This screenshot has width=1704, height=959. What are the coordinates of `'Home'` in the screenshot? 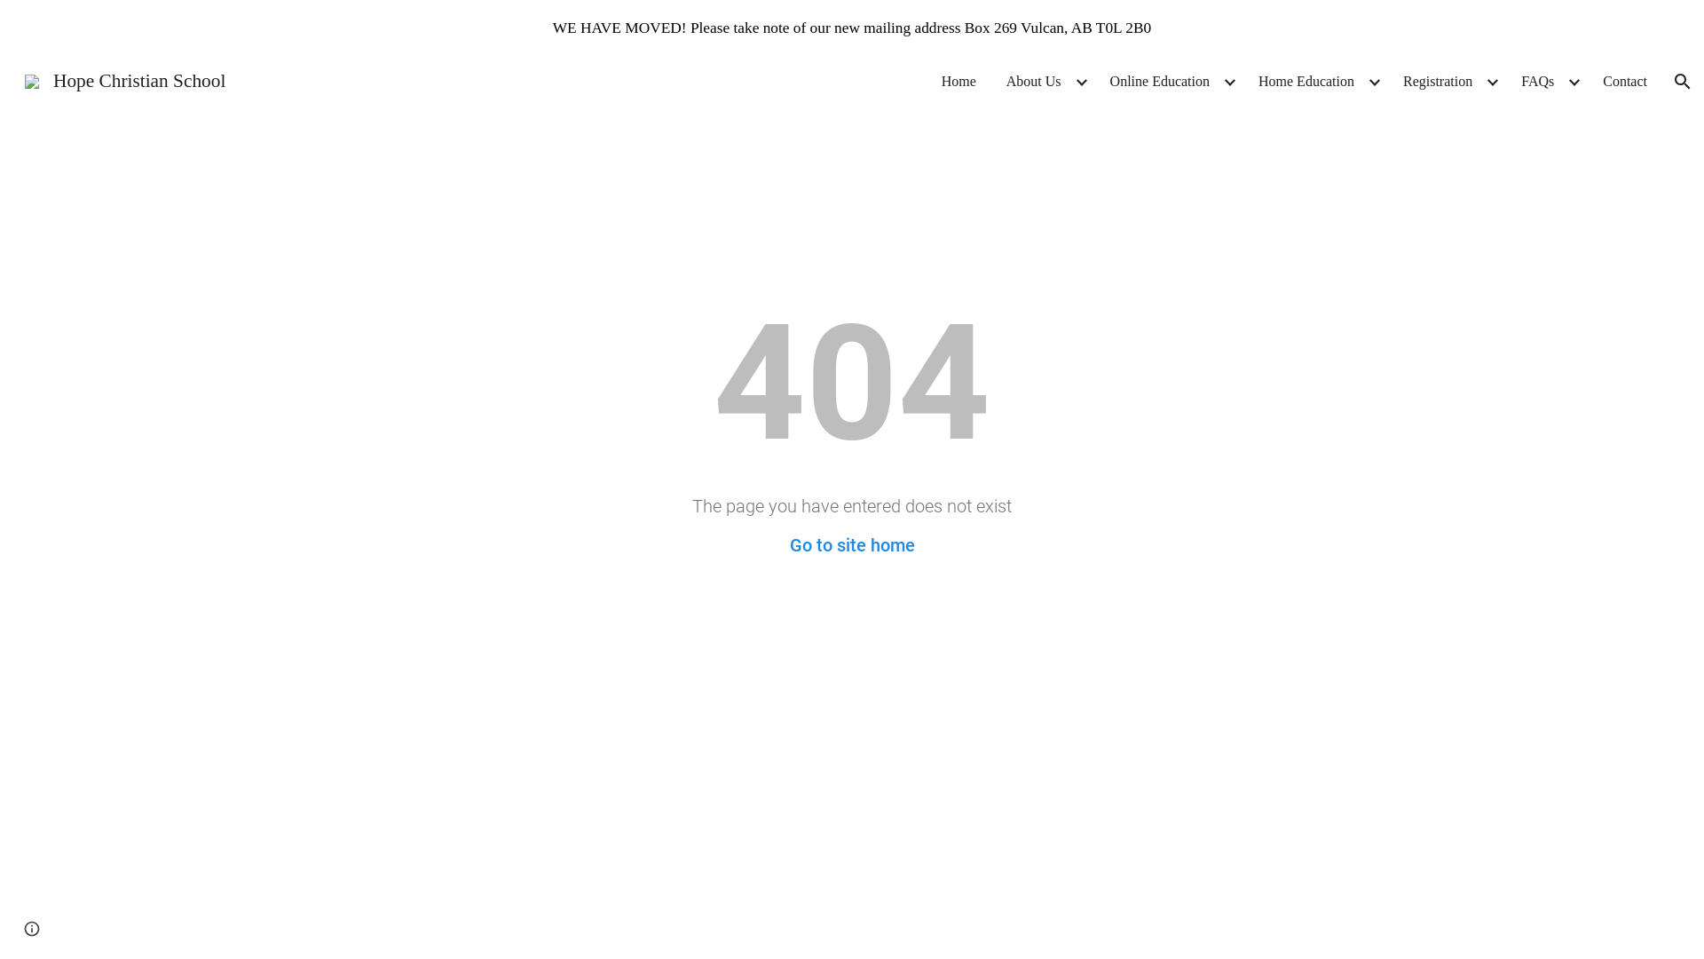 It's located at (958, 82).